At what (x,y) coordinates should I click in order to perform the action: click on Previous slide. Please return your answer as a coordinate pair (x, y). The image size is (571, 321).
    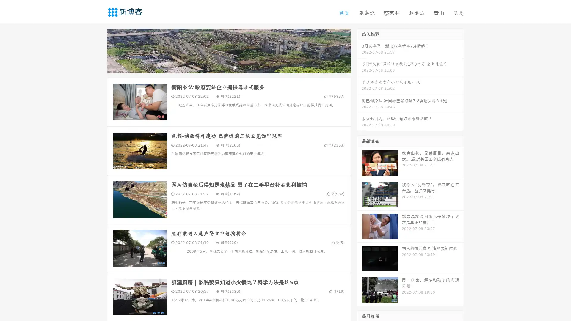
    Looking at the image, I should click on (98, 50).